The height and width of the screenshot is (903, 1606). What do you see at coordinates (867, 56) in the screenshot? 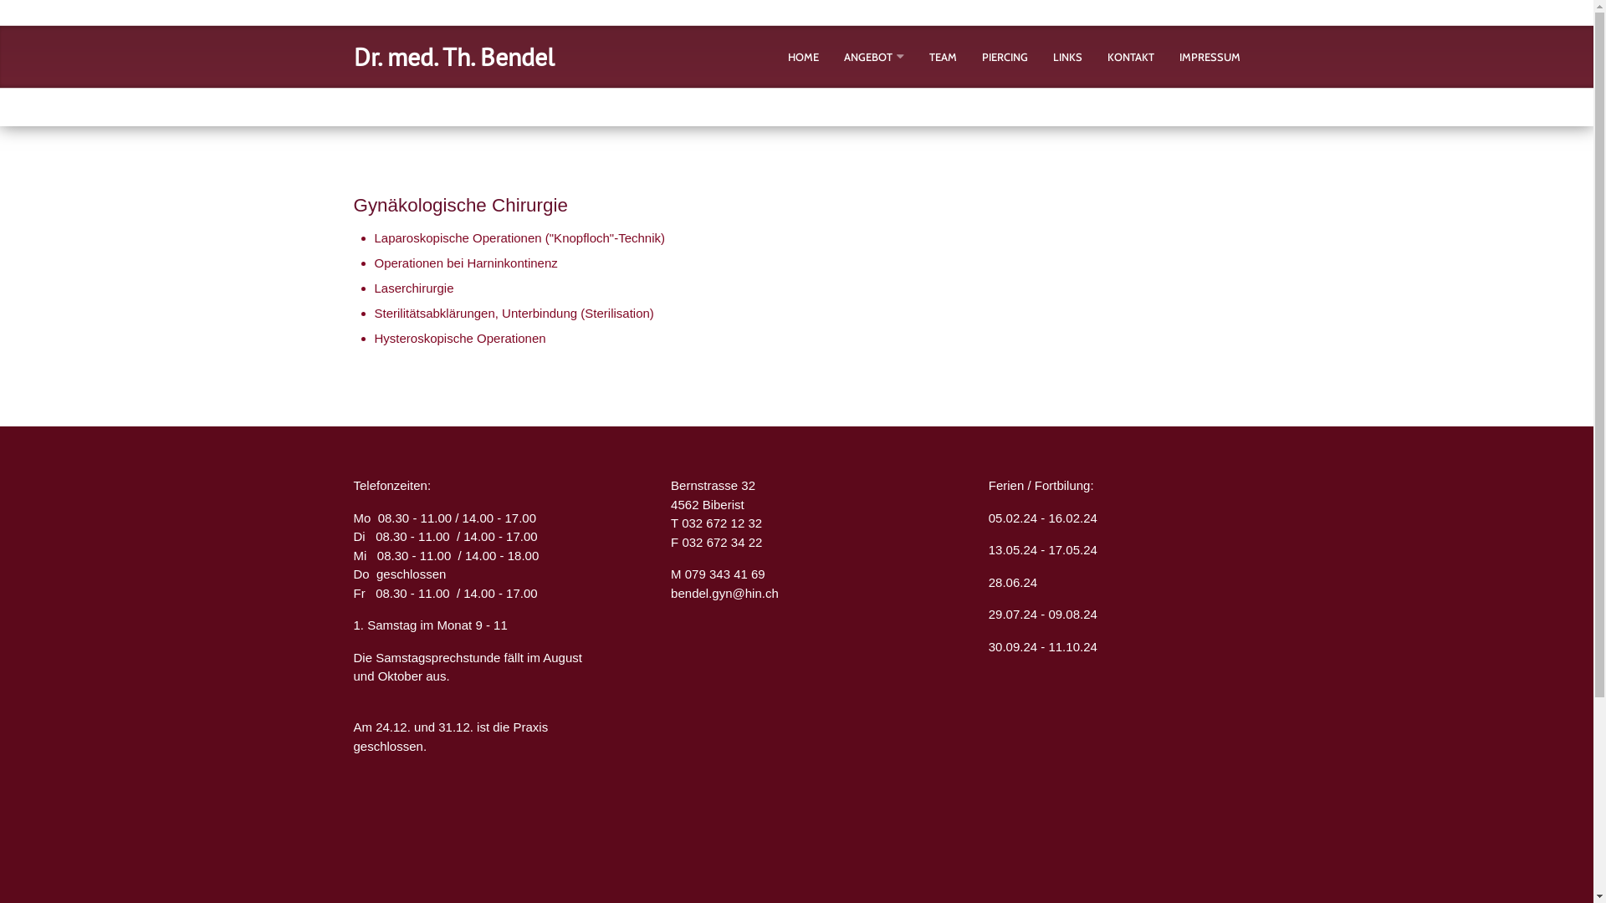
I see `'ANGEBOT'` at bounding box center [867, 56].